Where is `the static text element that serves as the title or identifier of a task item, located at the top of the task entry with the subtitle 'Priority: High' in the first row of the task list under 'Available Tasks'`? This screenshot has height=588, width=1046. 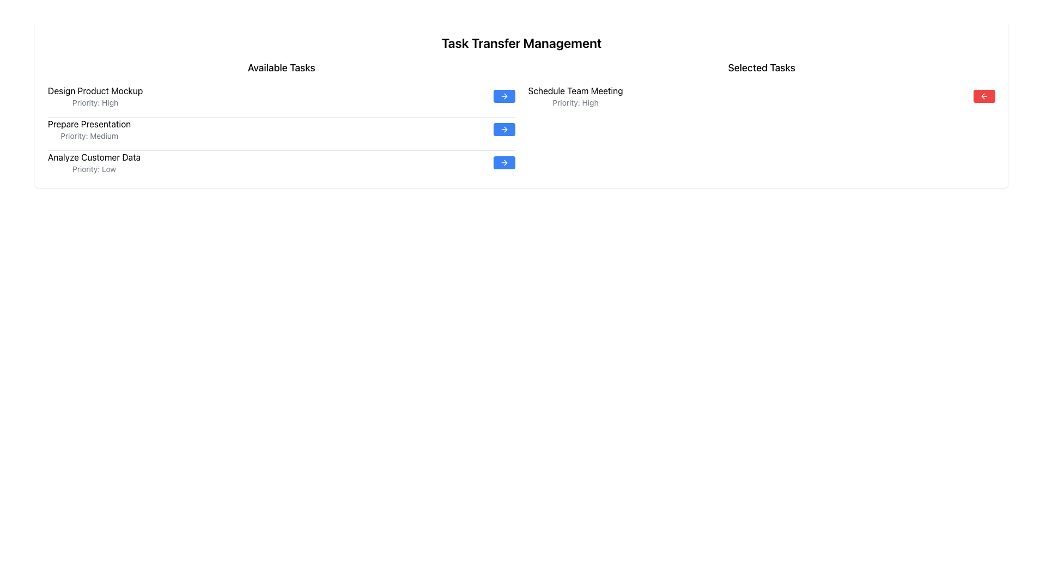
the static text element that serves as the title or identifier of a task item, located at the top of the task entry with the subtitle 'Priority: High' in the first row of the task list under 'Available Tasks' is located at coordinates (95, 90).